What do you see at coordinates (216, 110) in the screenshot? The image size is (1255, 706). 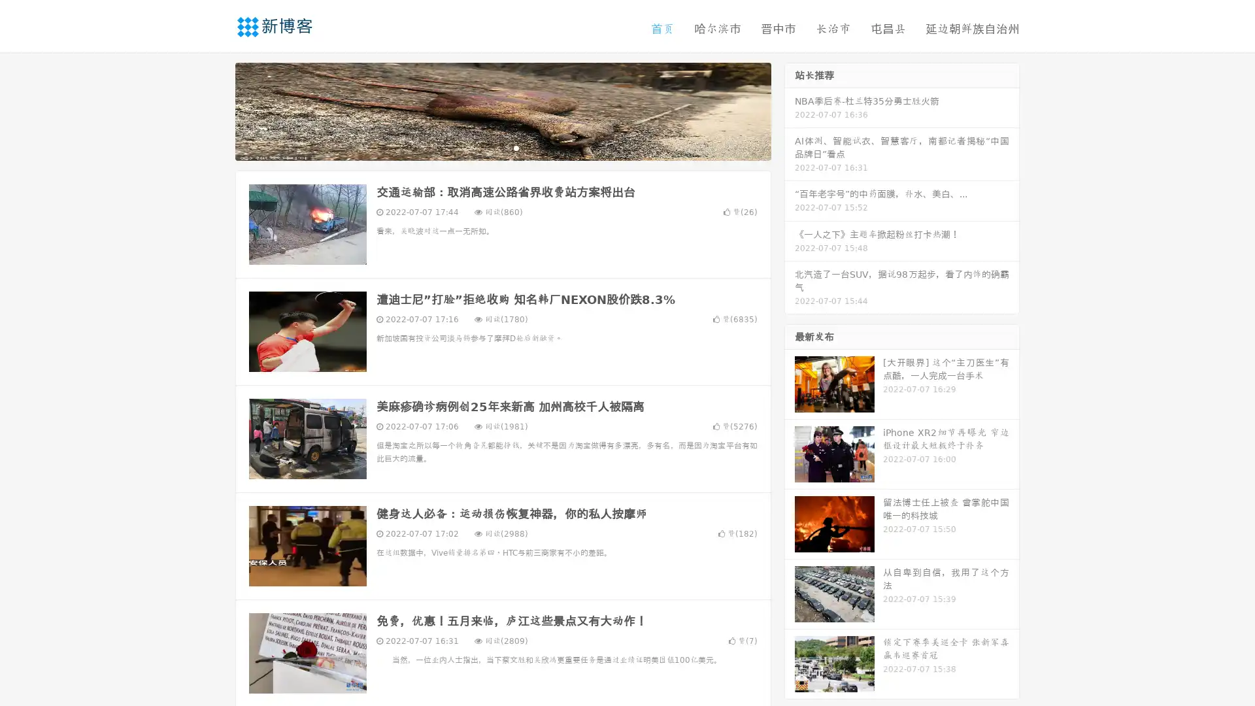 I see `Previous slide` at bounding box center [216, 110].